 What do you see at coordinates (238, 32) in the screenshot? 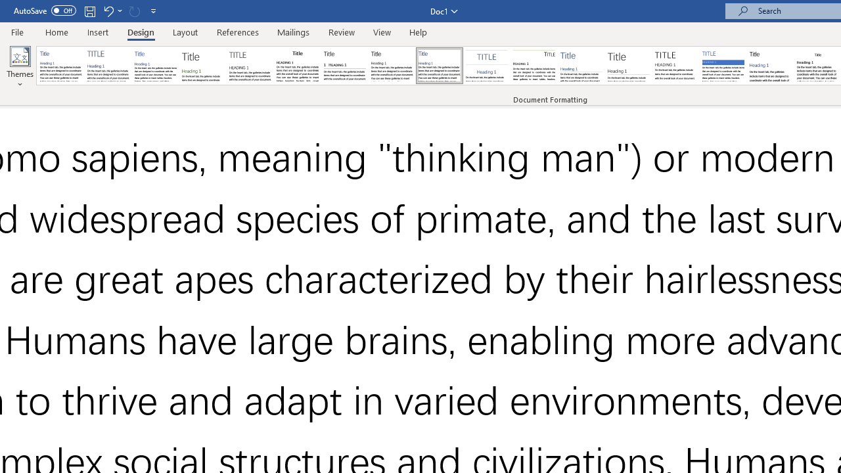
I see `'References'` at bounding box center [238, 32].